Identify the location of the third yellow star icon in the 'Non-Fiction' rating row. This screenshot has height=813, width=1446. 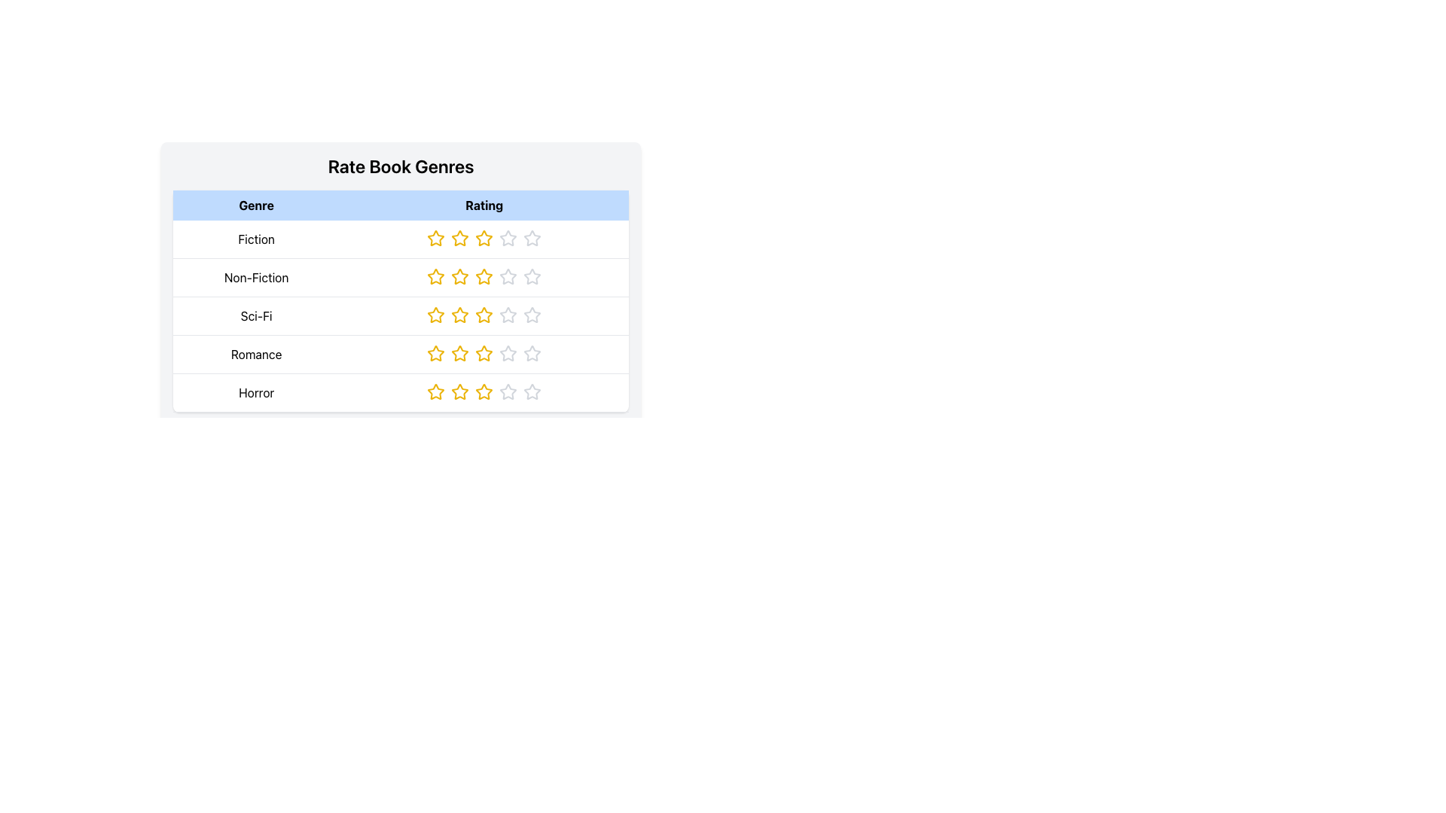
(484, 276).